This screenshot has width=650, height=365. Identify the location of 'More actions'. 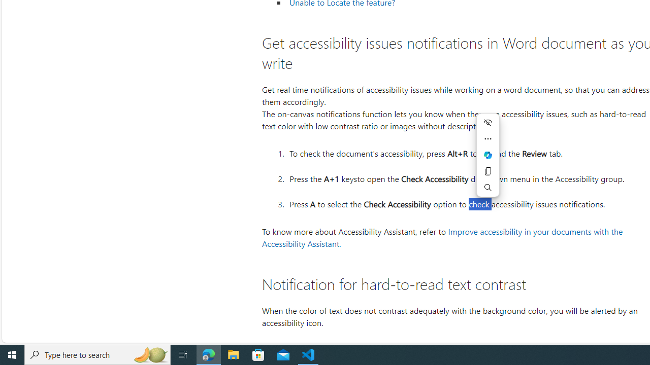
(488, 138).